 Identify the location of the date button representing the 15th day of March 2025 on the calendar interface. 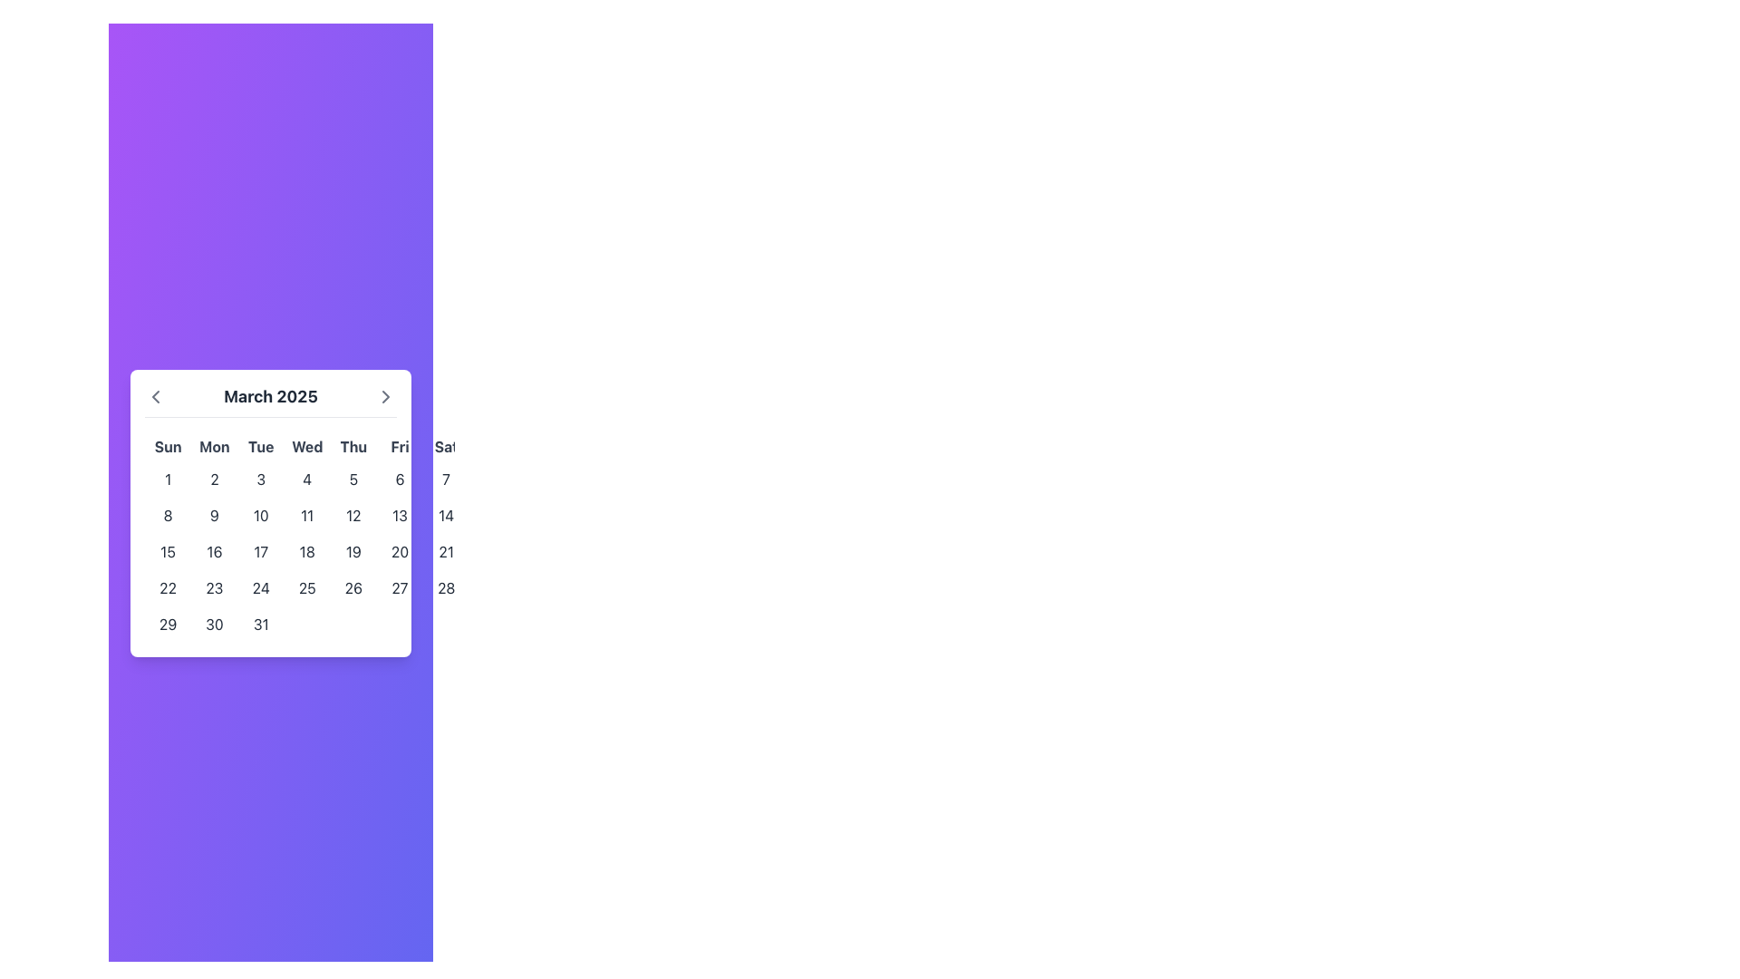
(168, 550).